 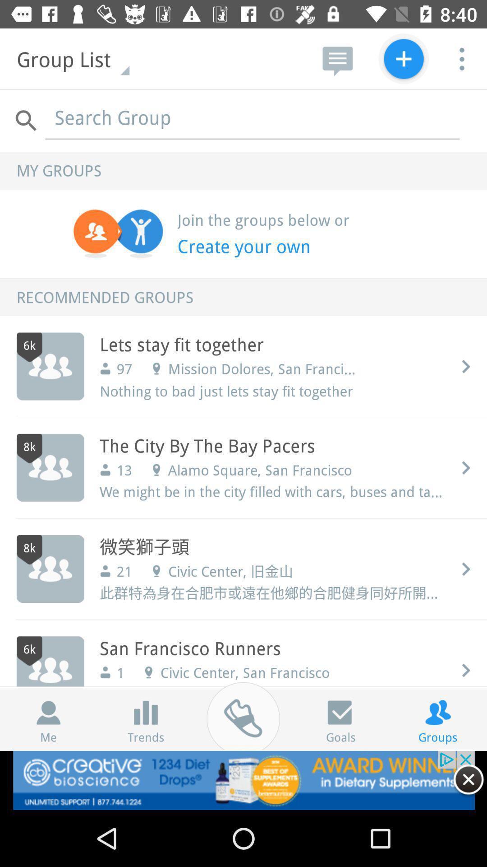 I want to click on the close icon, so click(x=468, y=779).